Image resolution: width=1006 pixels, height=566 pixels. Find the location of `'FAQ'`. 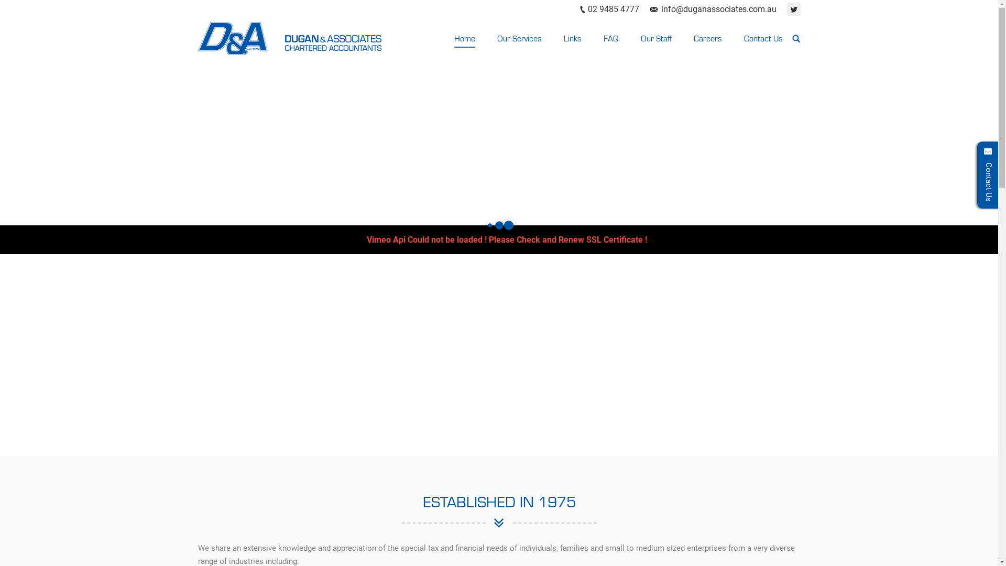

'FAQ' is located at coordinates (612, 38).